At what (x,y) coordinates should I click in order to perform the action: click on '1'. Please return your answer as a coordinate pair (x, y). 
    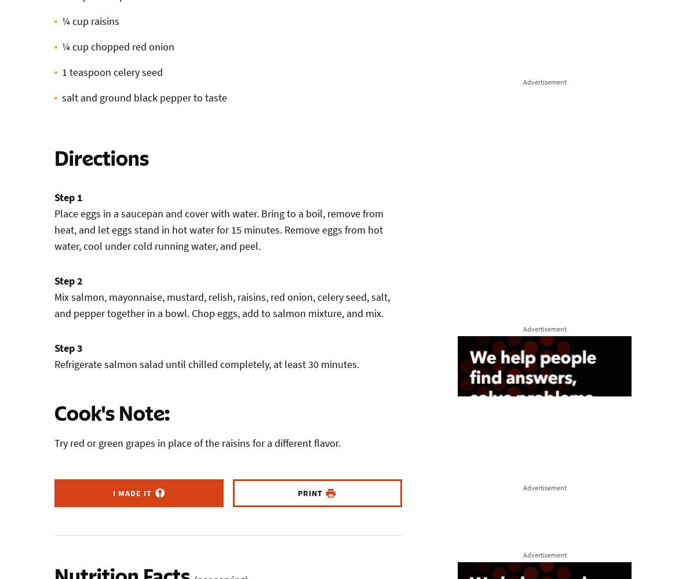
    Looking at the image, I should click on (64, 72).